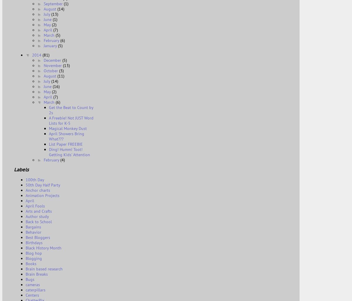 This screenshot has height=301, width=352. What do you see at coordinates (38, 222) in the screenshot?
I see `'Back to School'` at bounding box center [38, 222].